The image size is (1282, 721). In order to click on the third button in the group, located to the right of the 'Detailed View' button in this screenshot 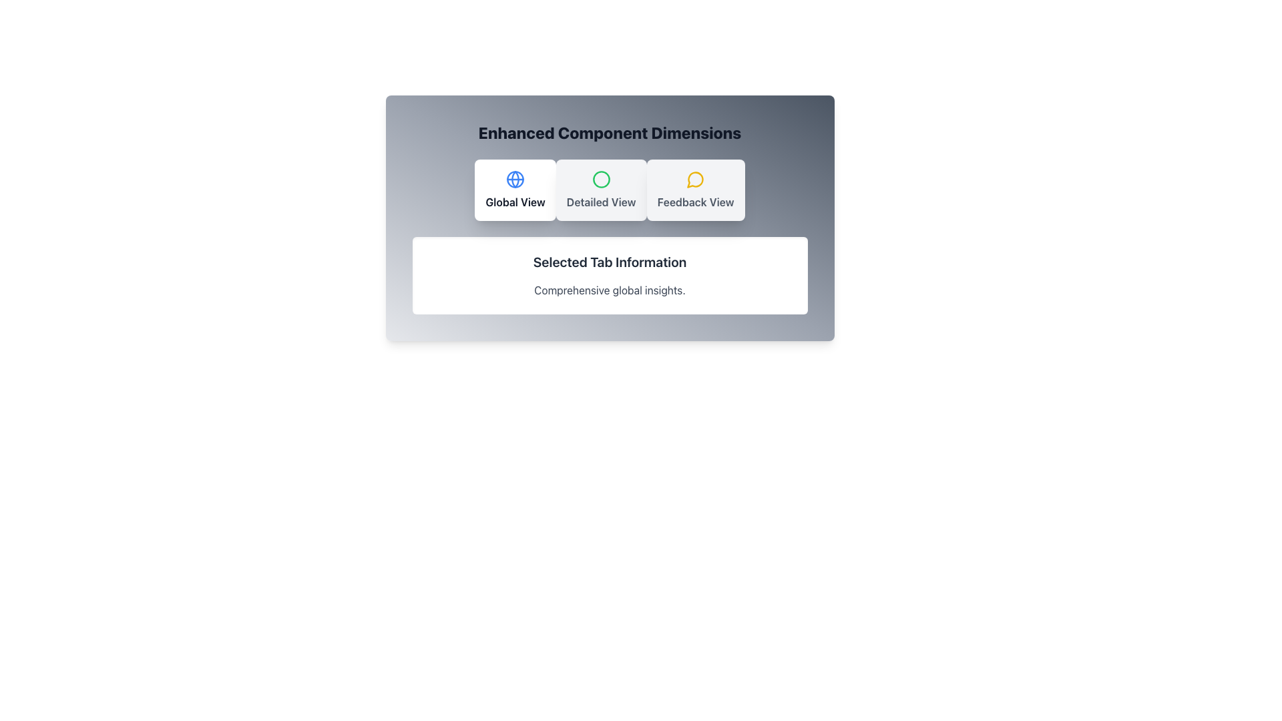, I will do `click(694, 190)`.